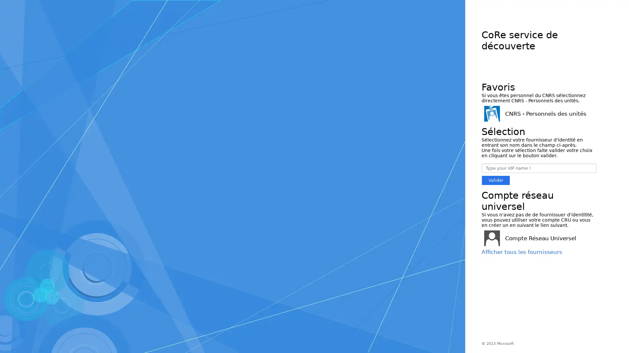  Describe the element at coordinates (496, 180) in the screenshot. I see `Valider` at that location.